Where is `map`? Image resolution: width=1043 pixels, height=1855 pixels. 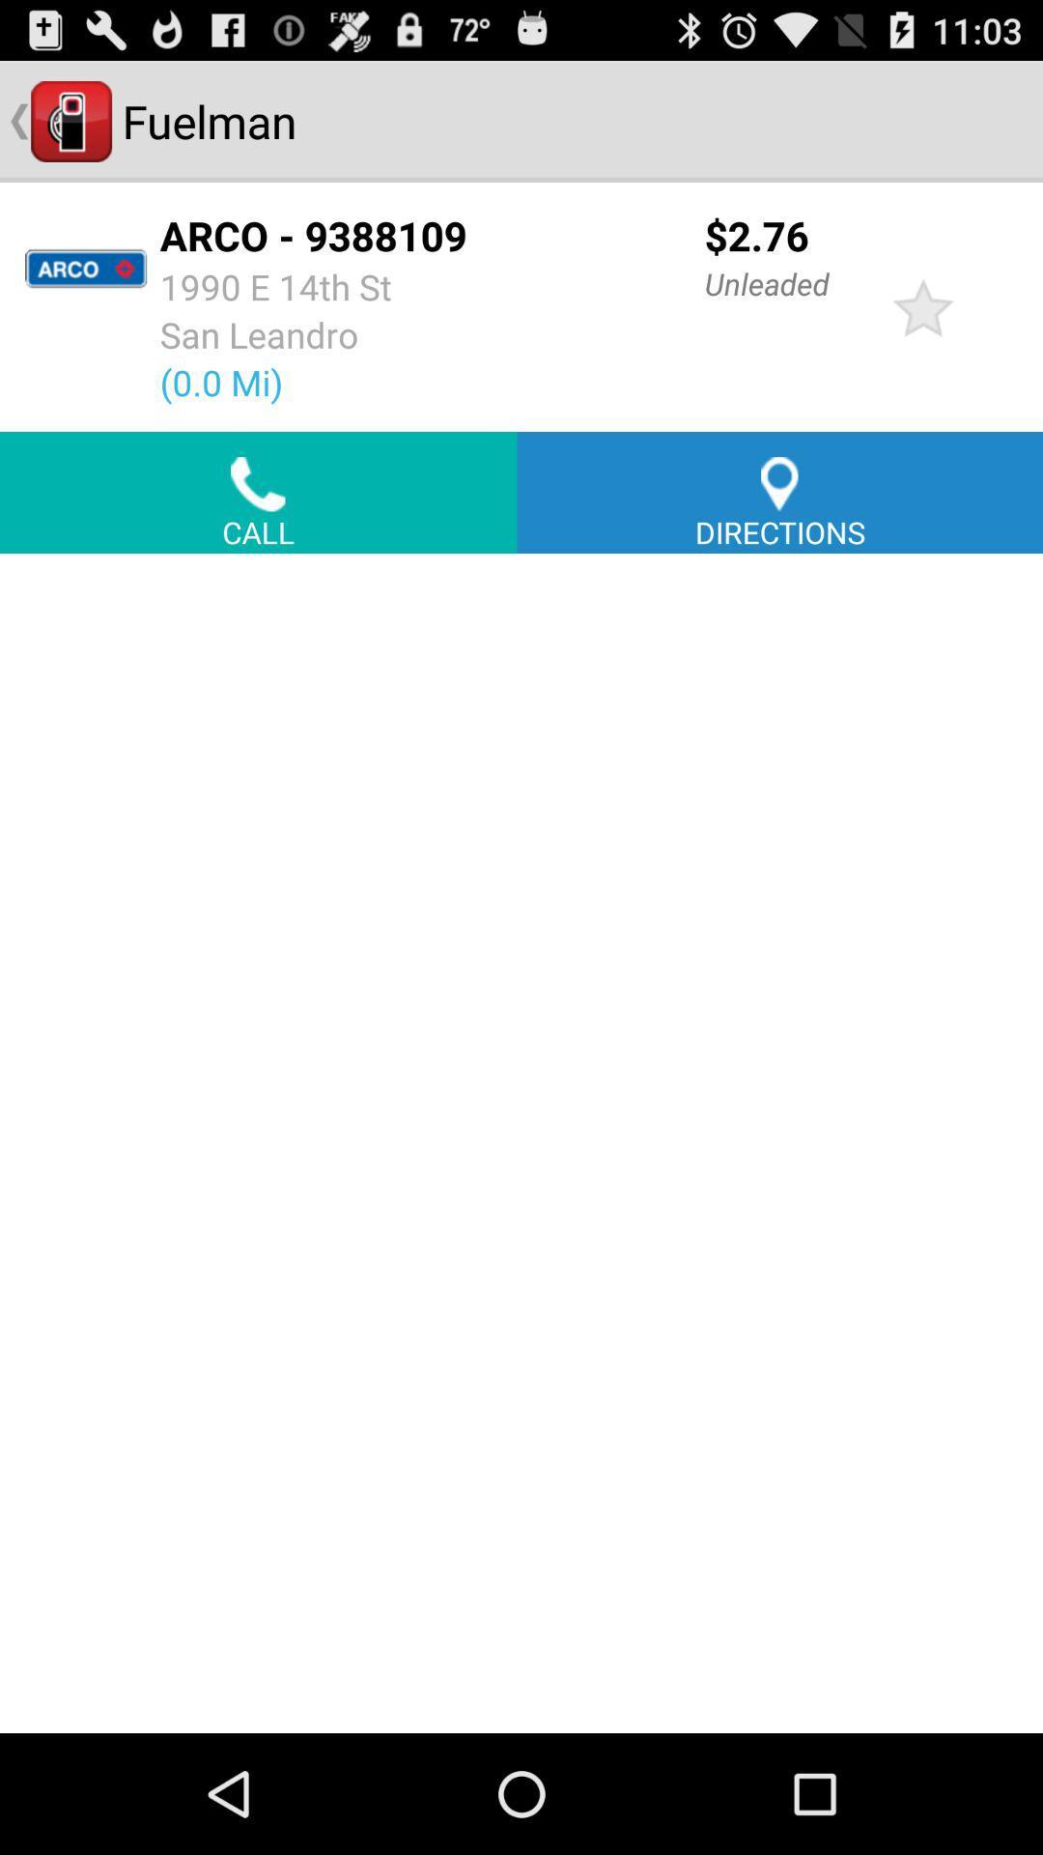 map is located at coordinates (521, 1143).